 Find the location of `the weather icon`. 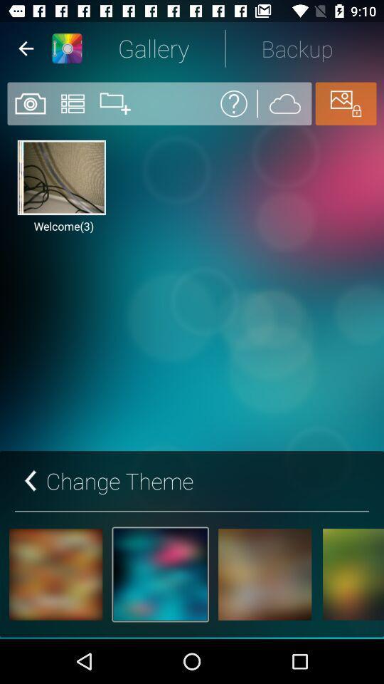

the weather icon is located at coordinates (284, 103).